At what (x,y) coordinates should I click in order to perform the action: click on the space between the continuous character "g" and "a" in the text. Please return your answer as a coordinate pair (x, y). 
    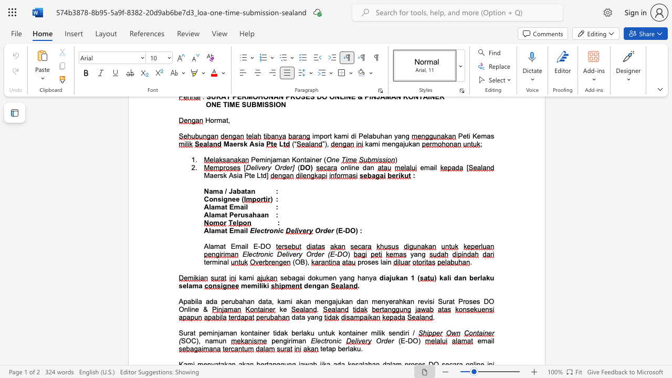
    Looking at the image, I should click on (299, 277).